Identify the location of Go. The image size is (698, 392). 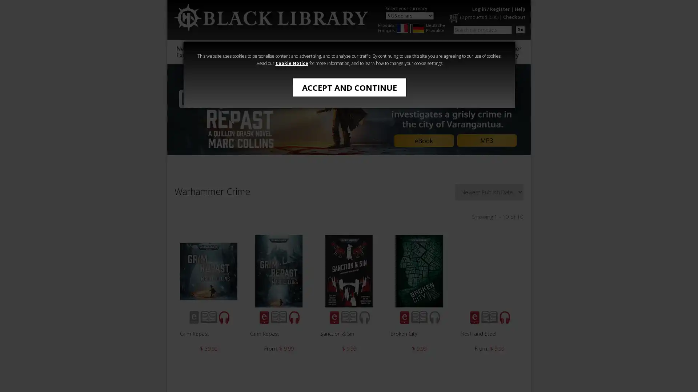
(520, 29).